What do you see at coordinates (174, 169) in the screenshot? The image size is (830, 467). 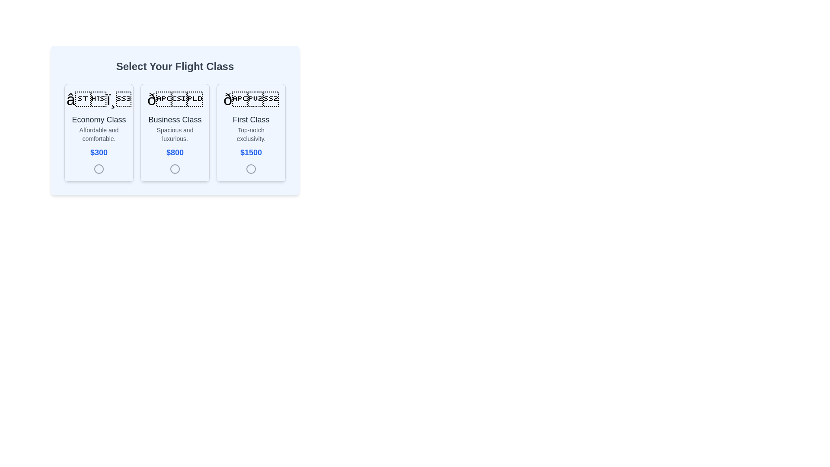 I see `the SVG Circle representing the 'Business Class' option, which is centrally aligned beneath the textual content and price in the card labeled 'Select Your Flight Class'` at bounding box center [174, 169].